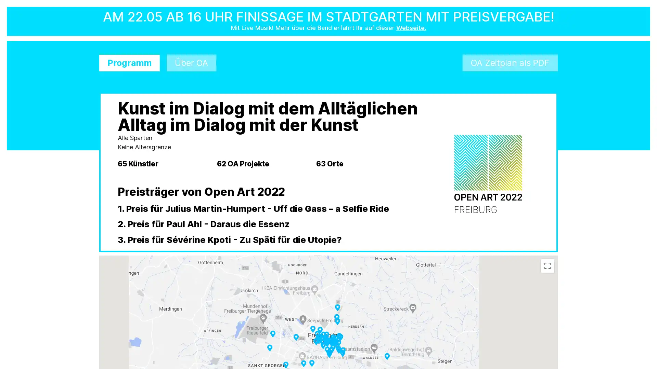  I want to click on Toggle fullscreen view, so click(547, 265).